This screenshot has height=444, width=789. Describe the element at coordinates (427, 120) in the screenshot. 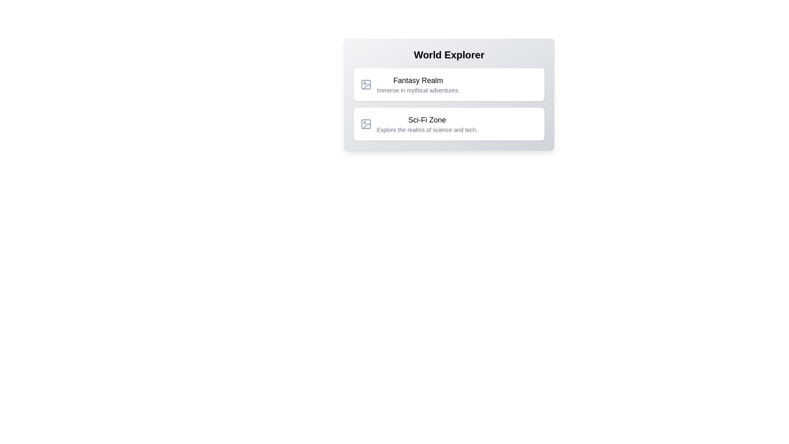

I see `the 'Sci-Fi Zone' text label` at that location.